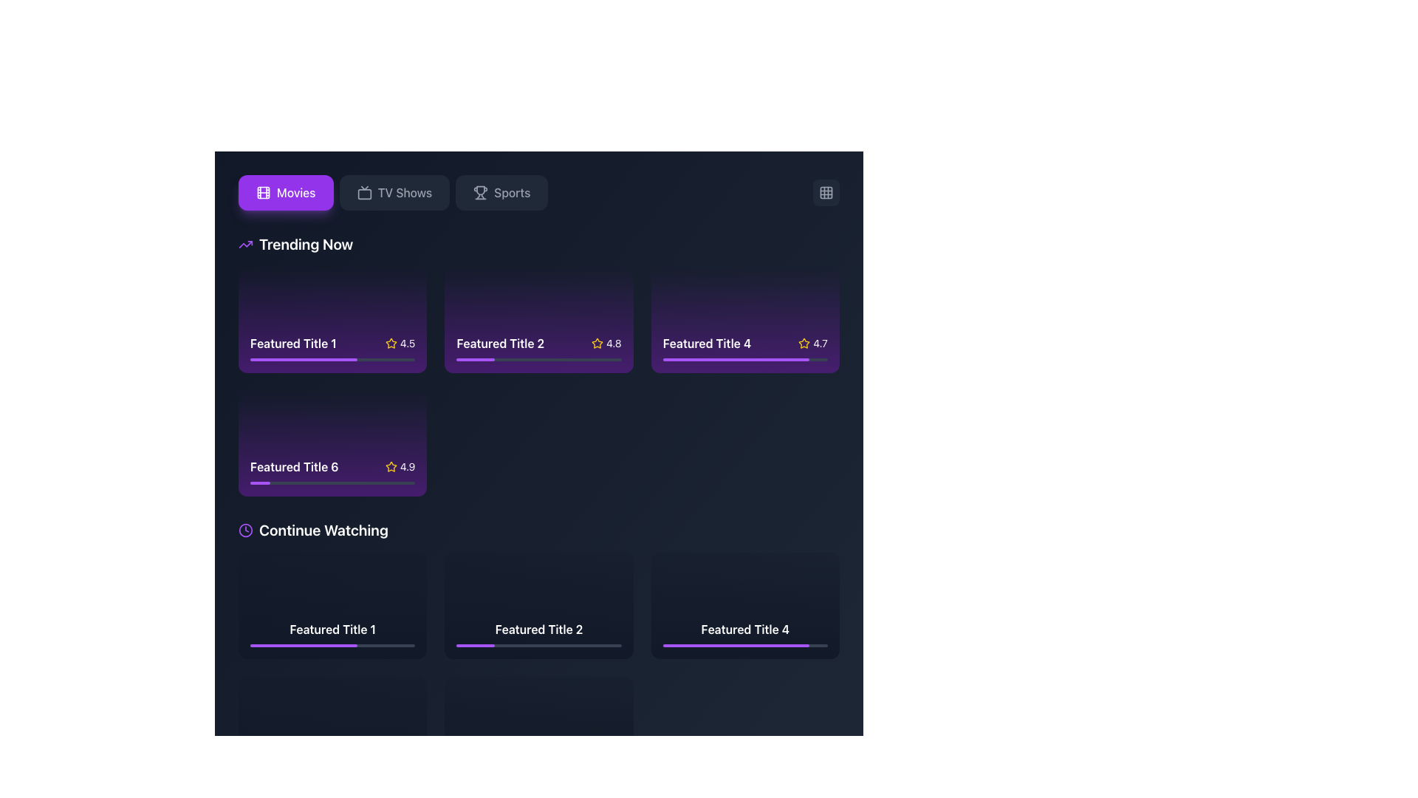 The height and width of the screenshot is (798, 1418). What do you see at coordinates (538, 649) in the screenshot?
I see `the second card in the 'Continue Watching' section` at bounding box center [538, 649].